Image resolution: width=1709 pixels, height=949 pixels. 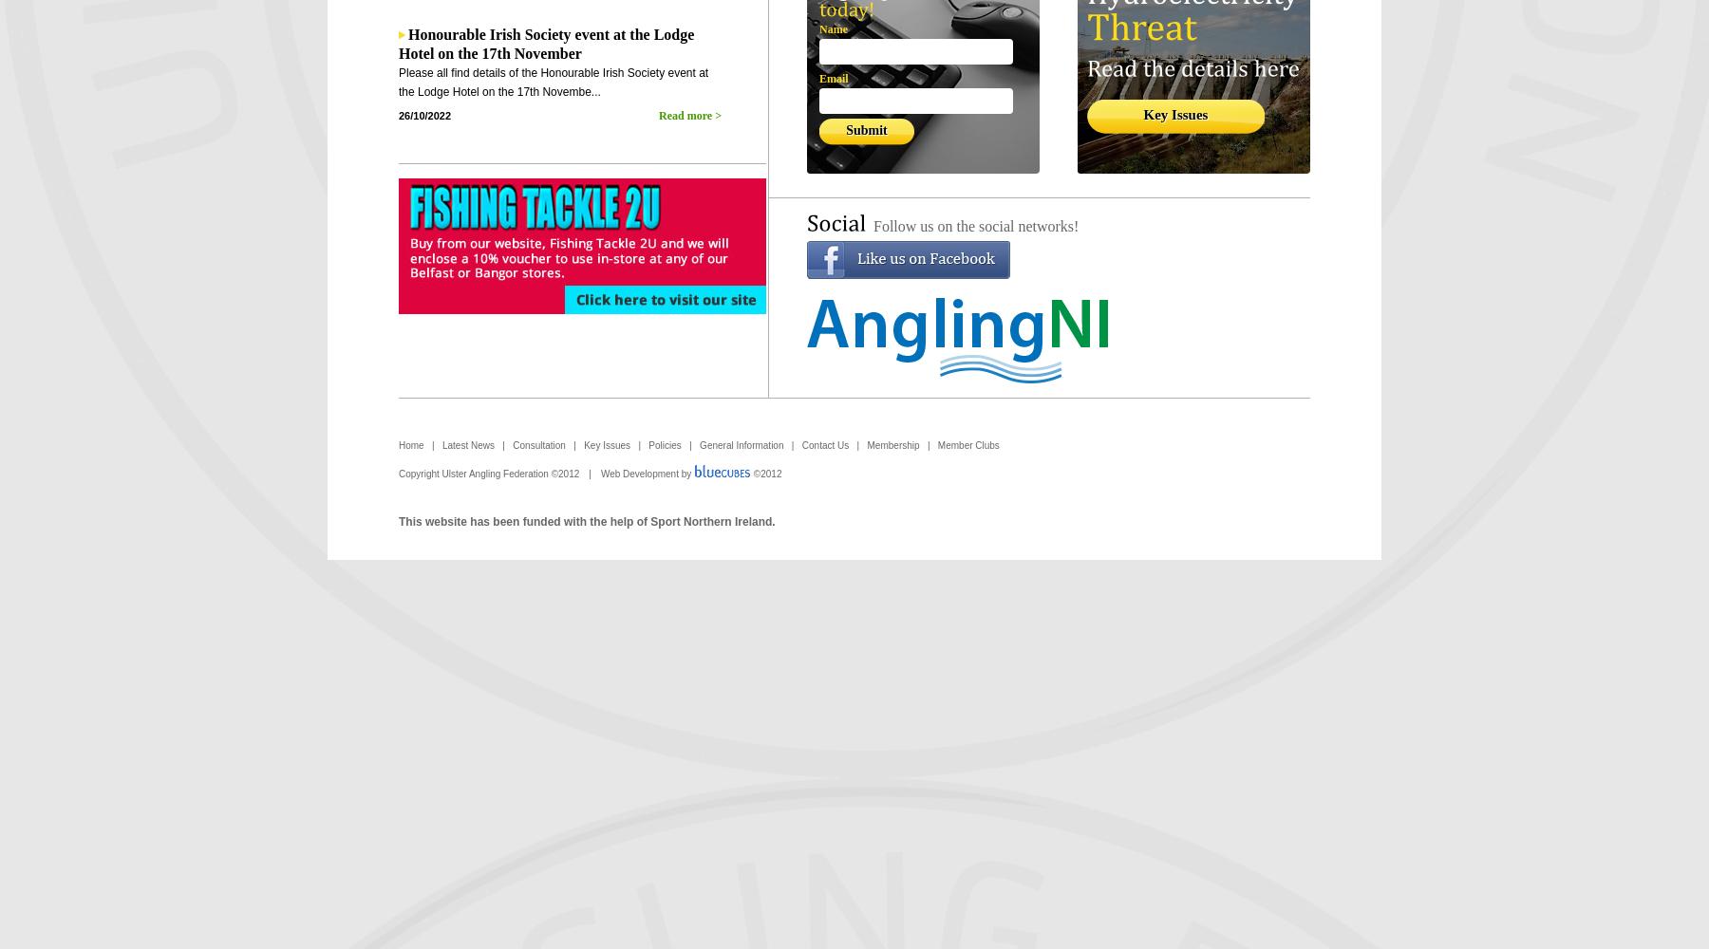 What do you see at coordinates (677, 473) in the screenshot?
I see `'by'` at bounding box center [677, 473].